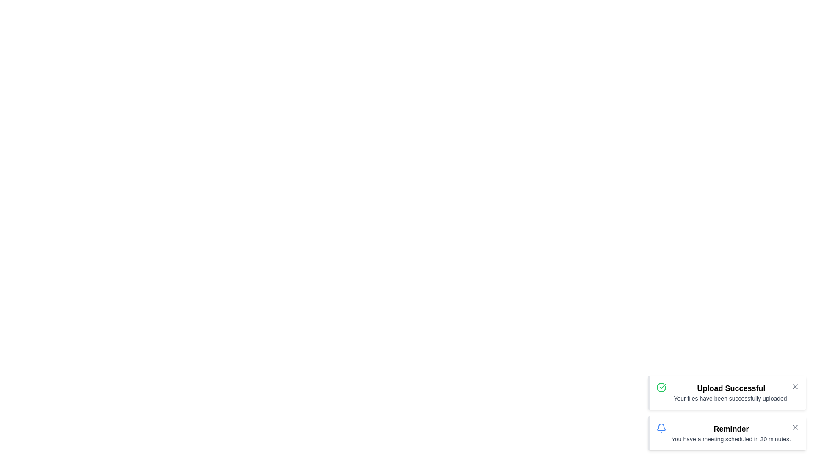  I want to click on the notification list vertically by -11 pixels, so click(726, 412).